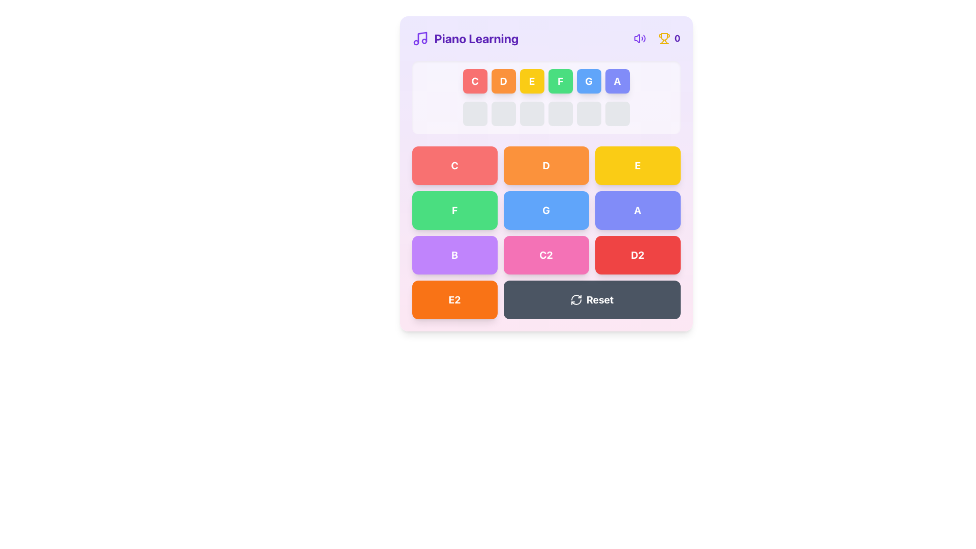  What do you see at coordinates (560, 80) in the screenshot?
I see `the green square button with a bold white letter 'F' centered within it, located in the first row of buttons in the colorful piano learning interface, specifically the third button from the left` at bounding box center [560, 80].